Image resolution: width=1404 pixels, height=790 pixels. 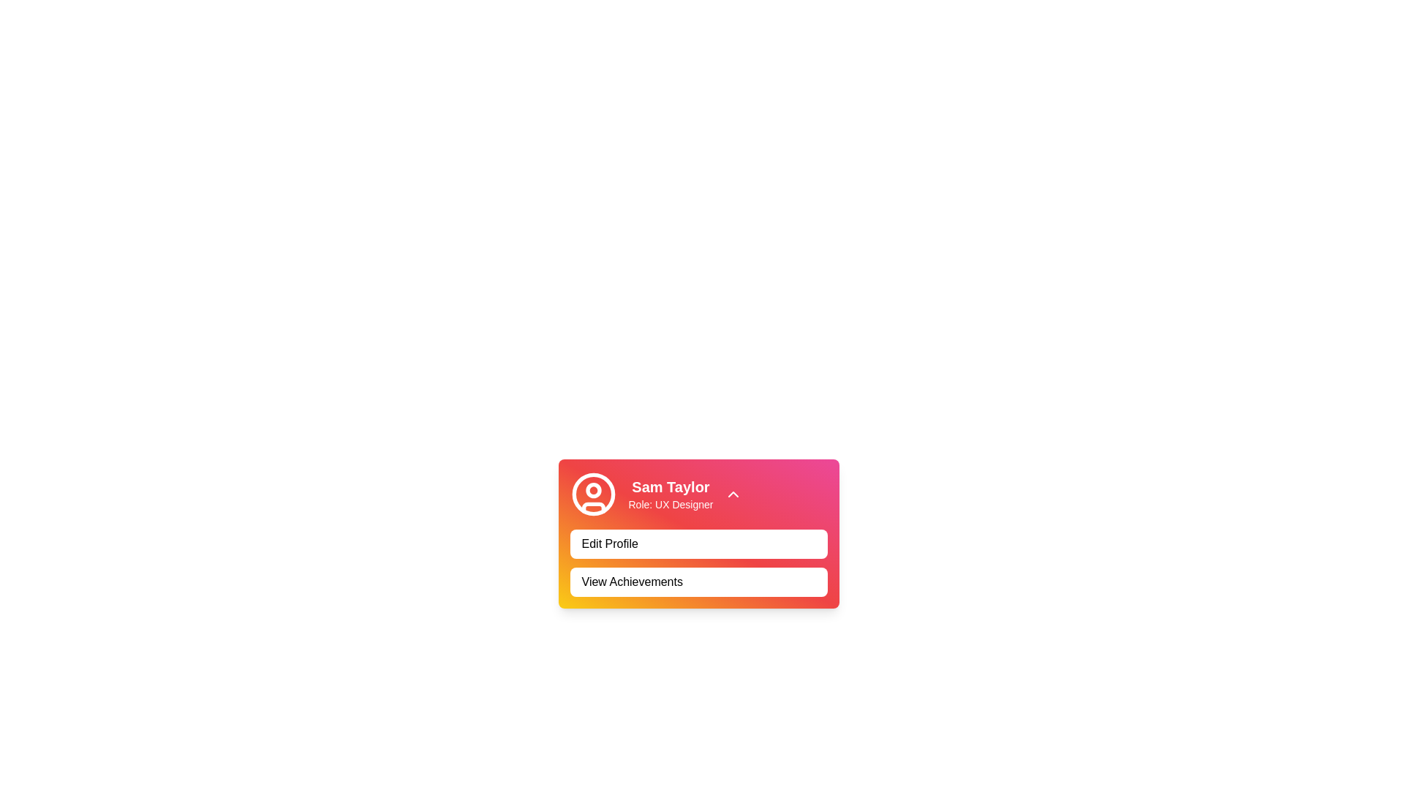 I want to click on the prominent label displaying the user's name 'Sam Taylor' in the user profile card, located at the top section of the card layout, so click(x=670, y=487).